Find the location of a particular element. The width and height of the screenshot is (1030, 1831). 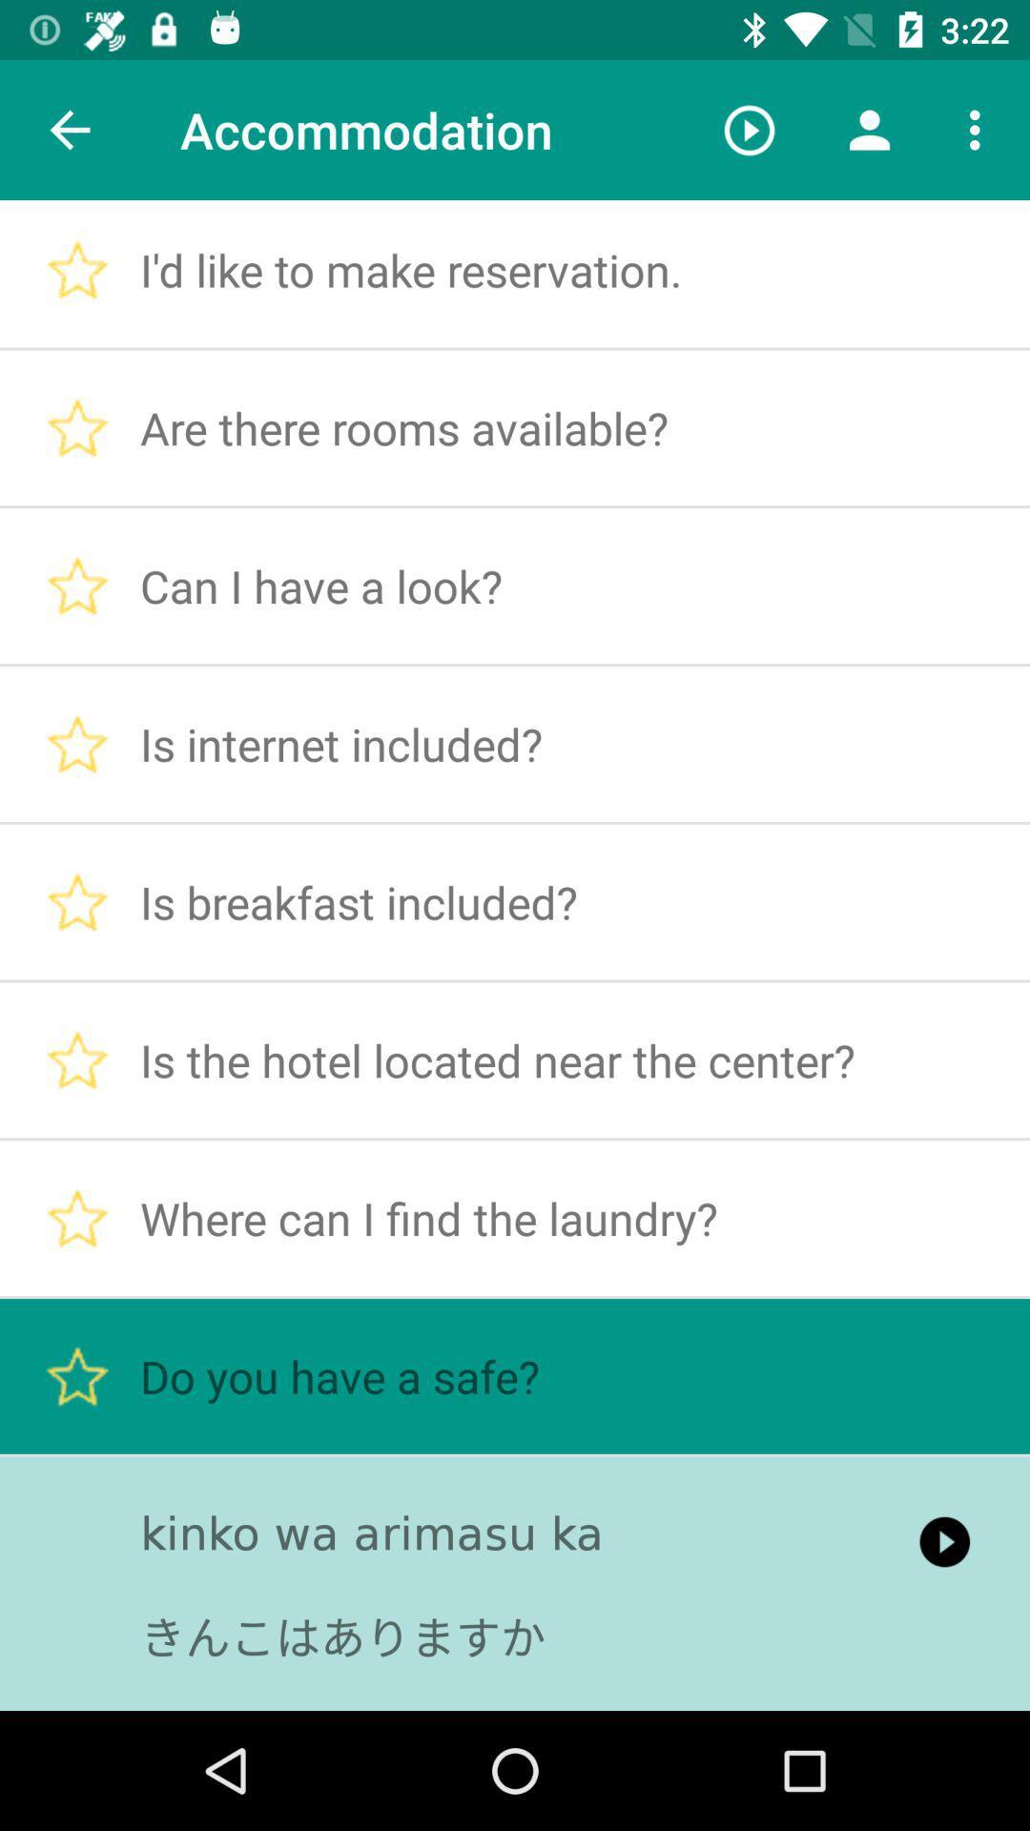

item next to the accommodation item is located at coordinates (69, 129).